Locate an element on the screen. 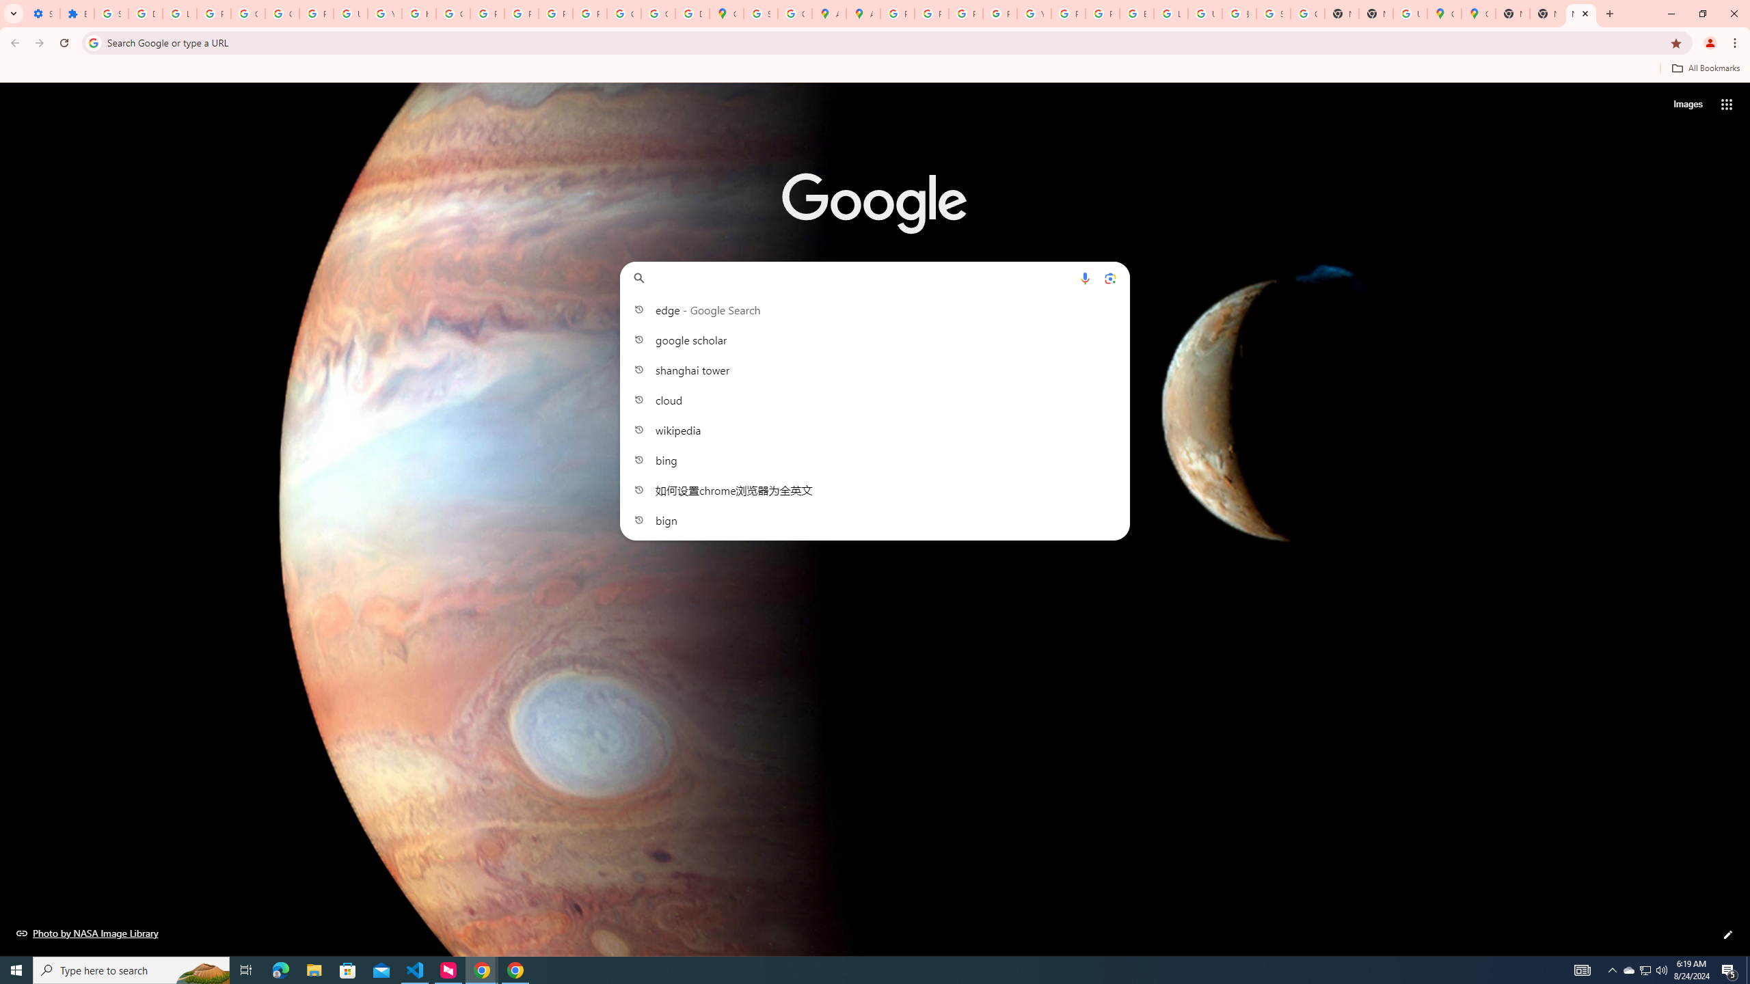 The height and width of the screenshot is (984, 1750). 'Google Maps' is located at coordinates (1478, 13).